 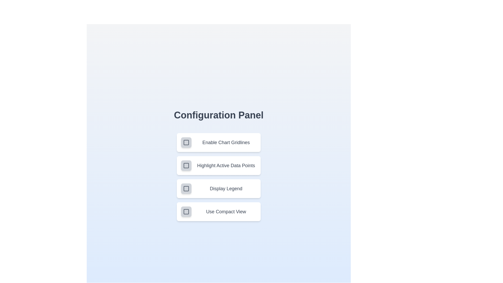 What do you see at coordinates (186, 211) in the screenshot?
I see `the setting corresponding to Use Compact View` at bounding box center [186, 211].